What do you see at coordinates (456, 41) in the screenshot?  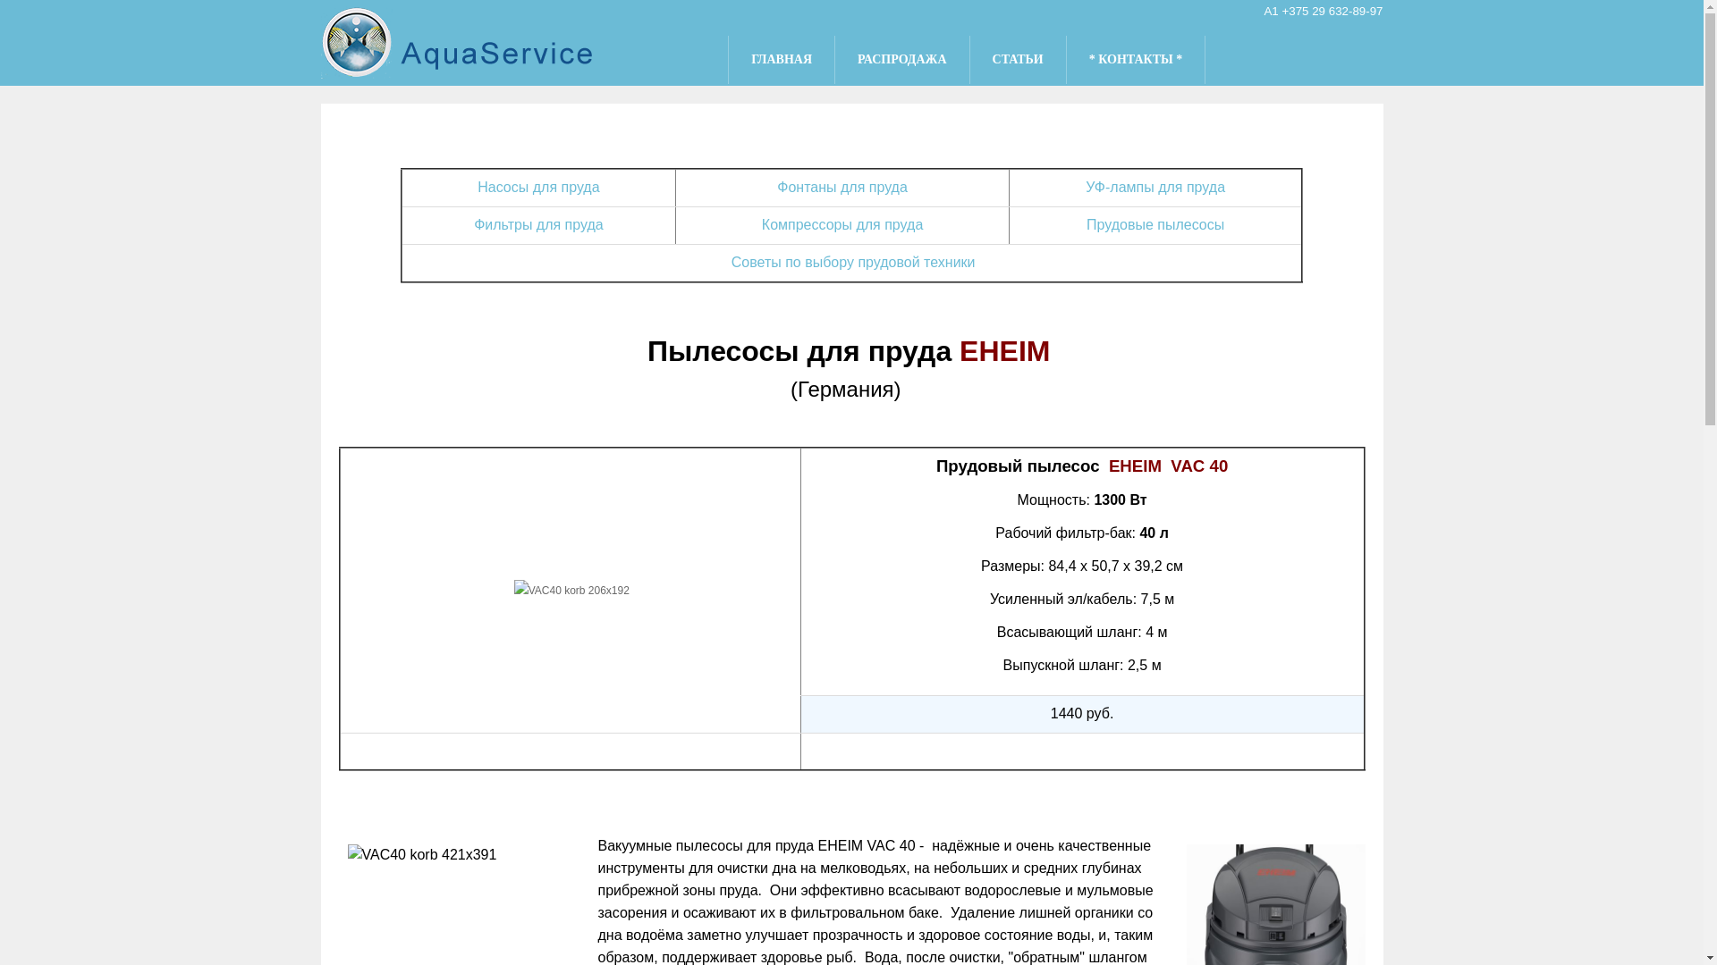 I see `'aqua-service.by'` at bounding box center [456, 41].